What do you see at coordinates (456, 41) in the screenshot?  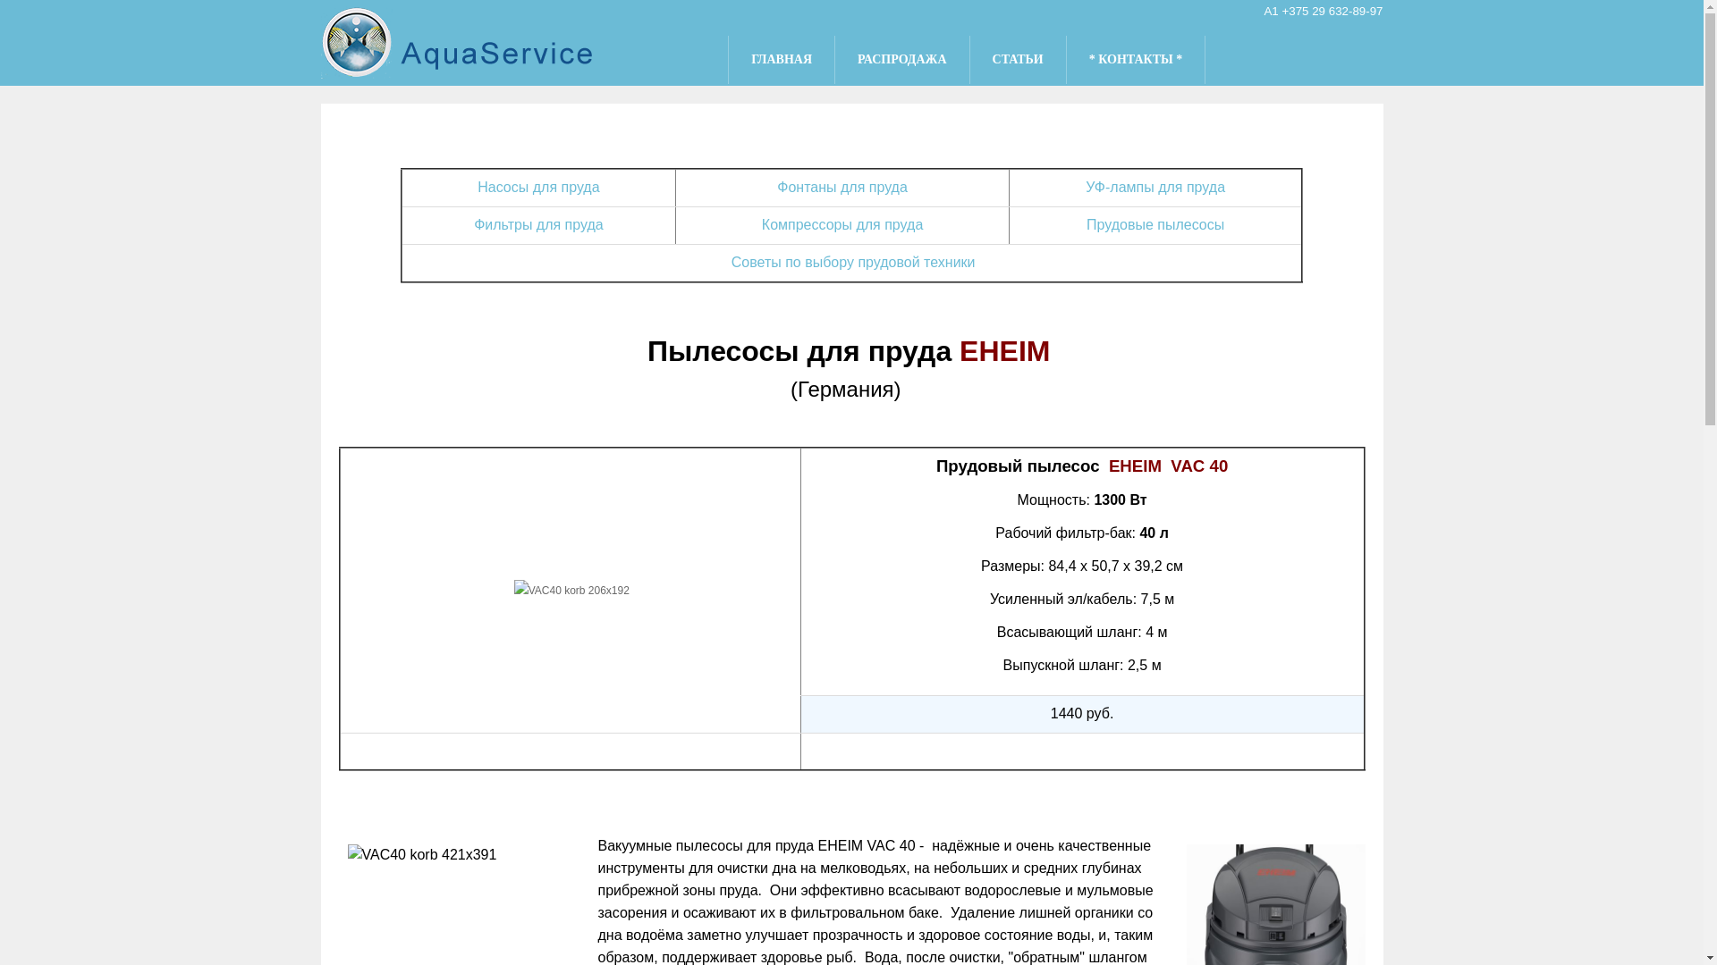 I see `'aqua-service.by'` at bounding box center [456, 41].